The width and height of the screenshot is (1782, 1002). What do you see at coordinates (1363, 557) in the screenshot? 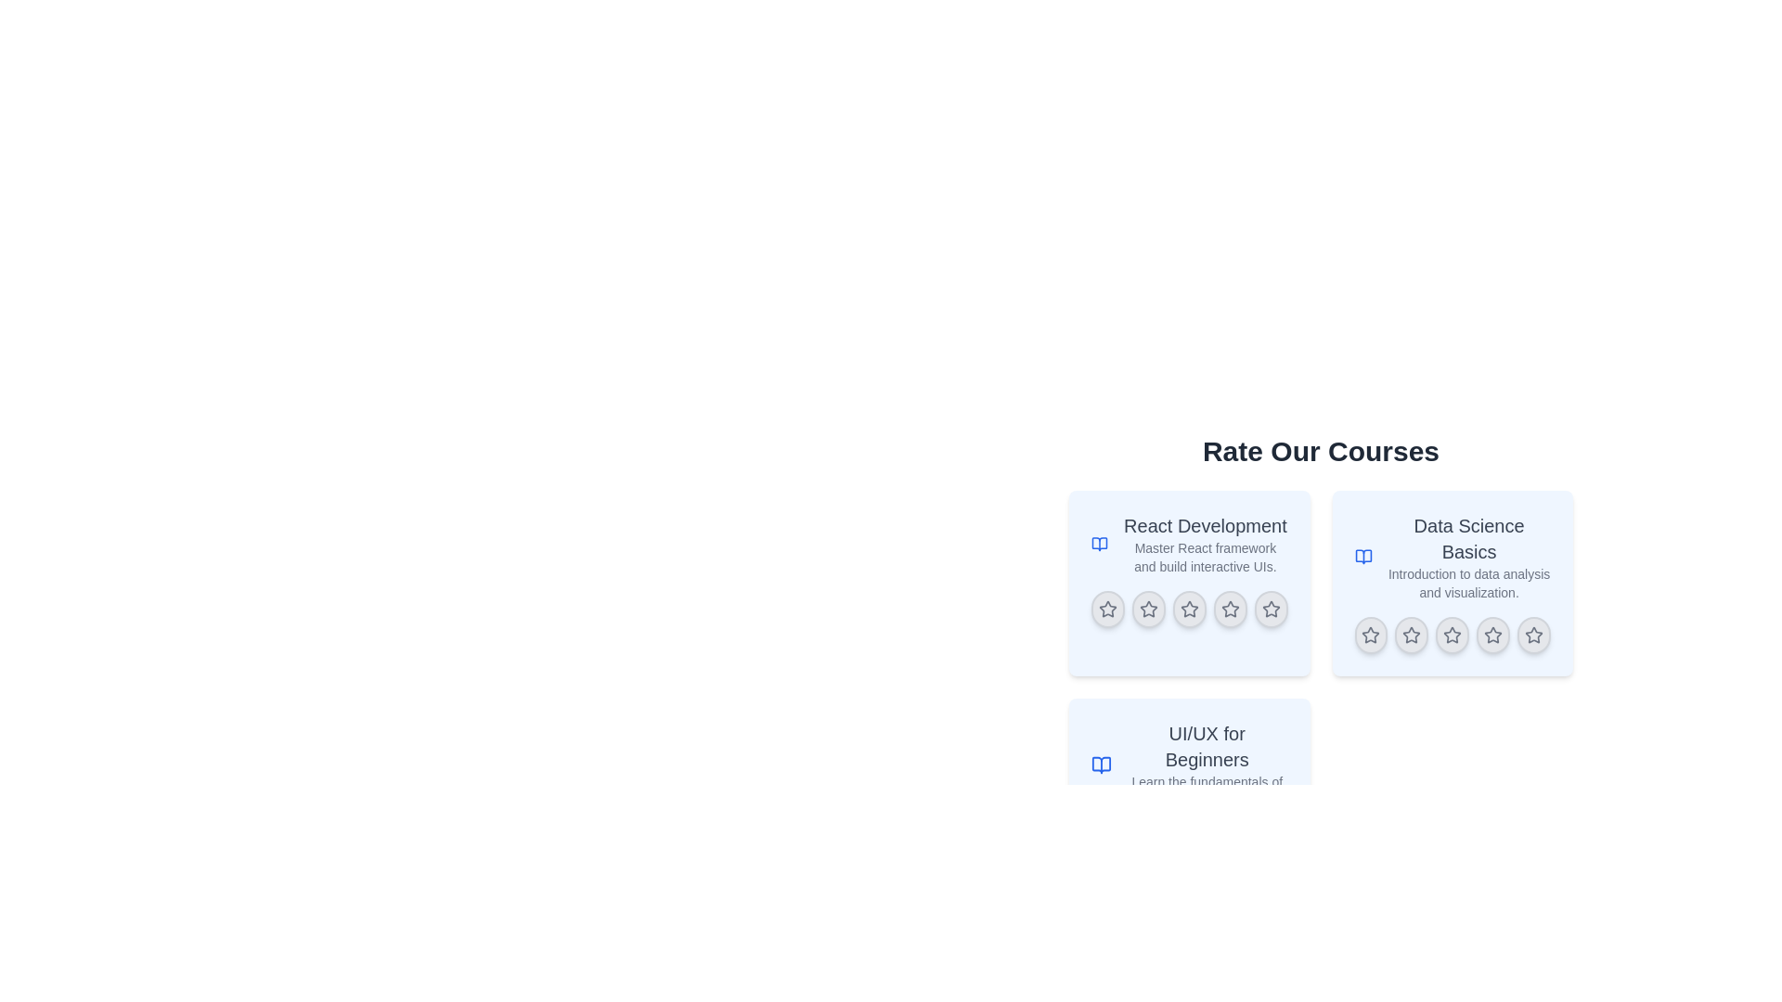
I see `the blue-colored open book icon located at the top-left corner of the 'Data Science Basics' course card, adjacent to the course title` at bounding box center [1363, 557].